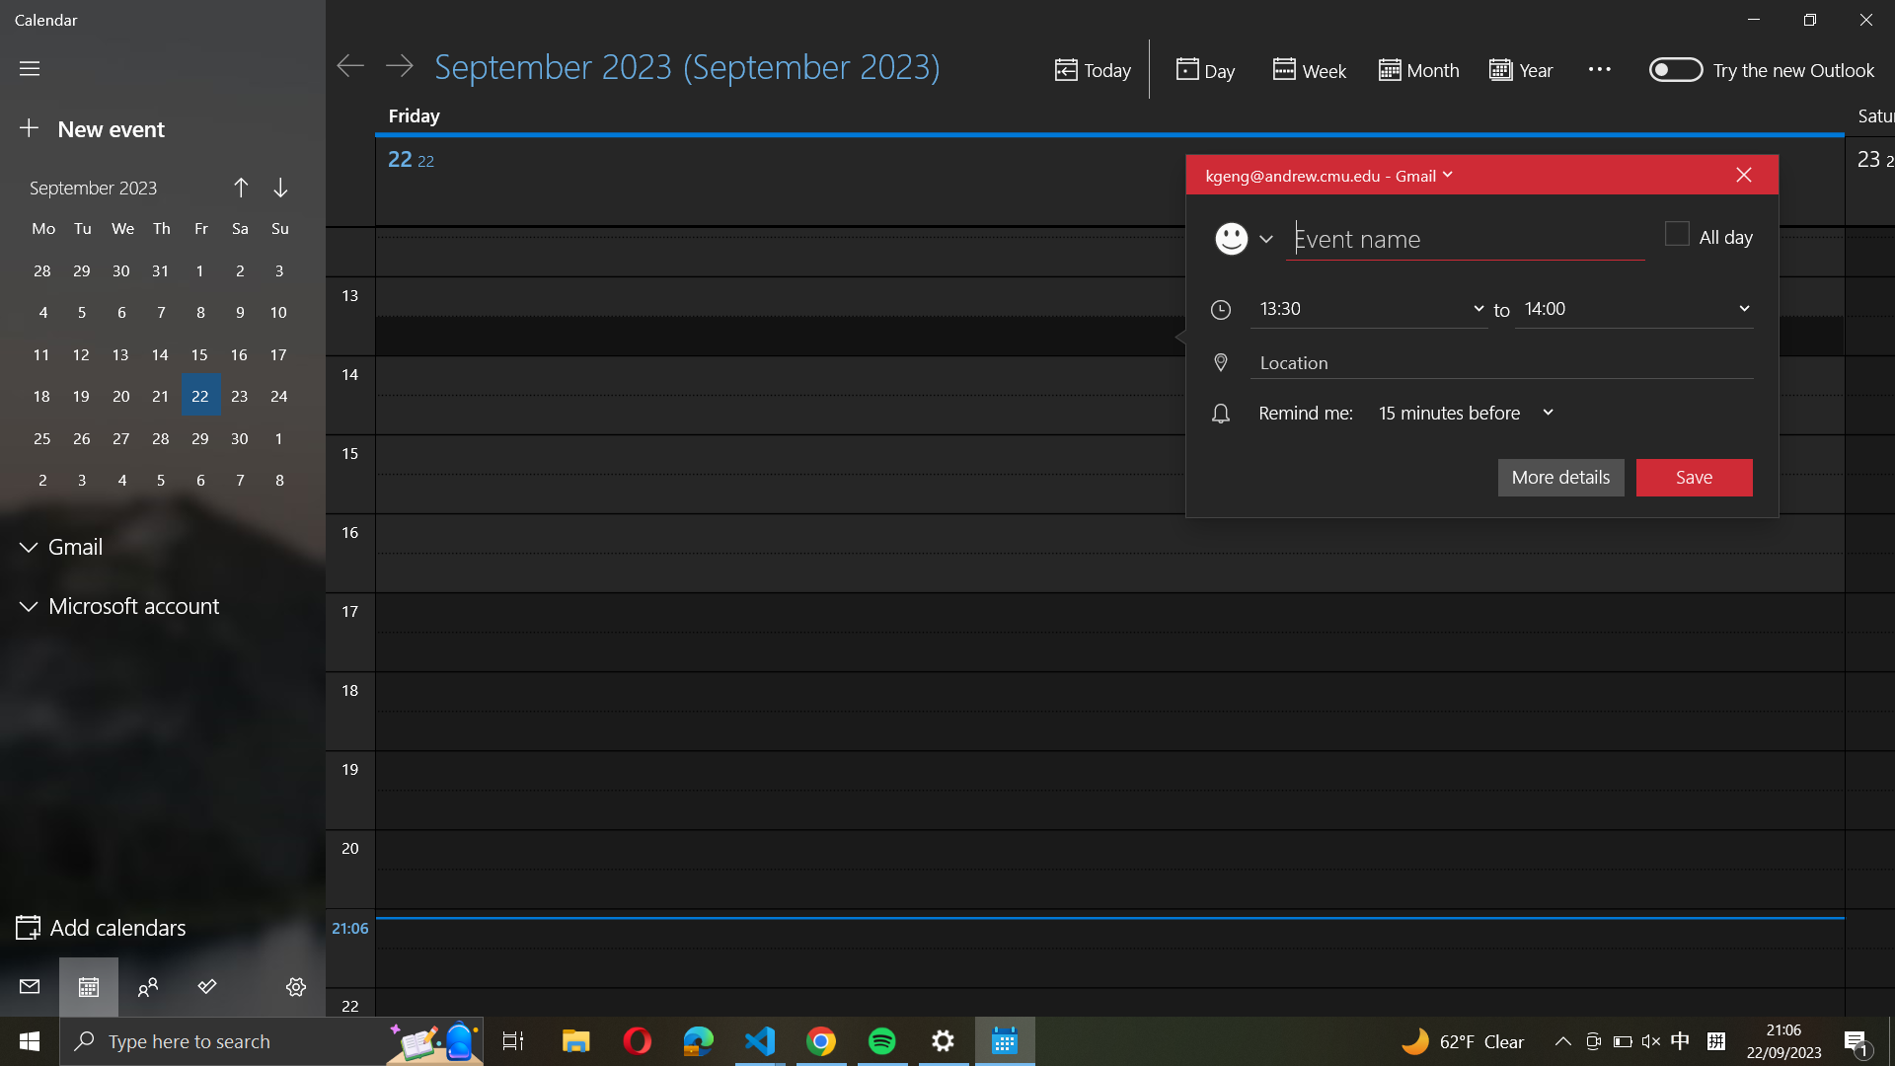 Image resolution: width=1895 pixels, height=1066 pixels. What do you see at coordinates (1559, 475) in the screenshot?
I see `the "more details" button in the current event panel` at bounding box center [1559, 475].